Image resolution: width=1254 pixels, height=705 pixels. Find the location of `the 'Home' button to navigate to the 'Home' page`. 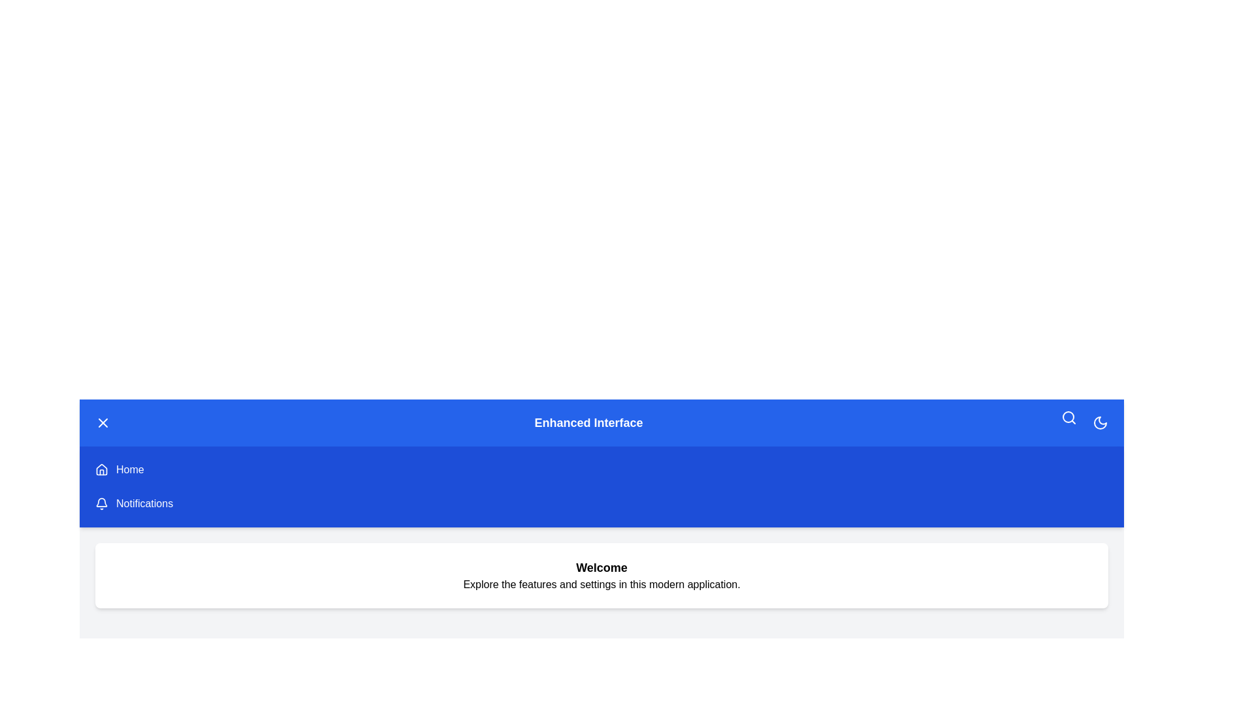

the 'Home' button to navigate to the 'Home' page is located at coordinates (129, 470).